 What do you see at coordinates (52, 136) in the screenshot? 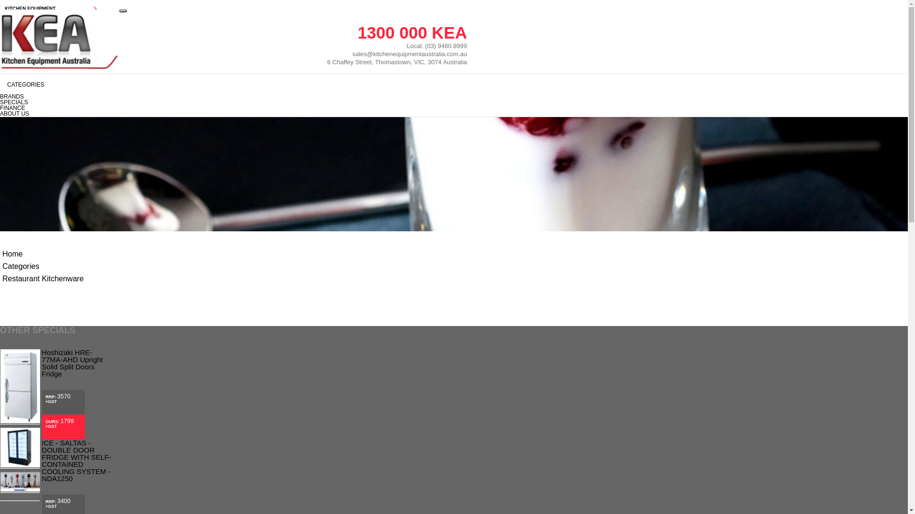
I see `'COMMERCIAL FOOD PROCESSORS'` at bounding box center [52, 136].